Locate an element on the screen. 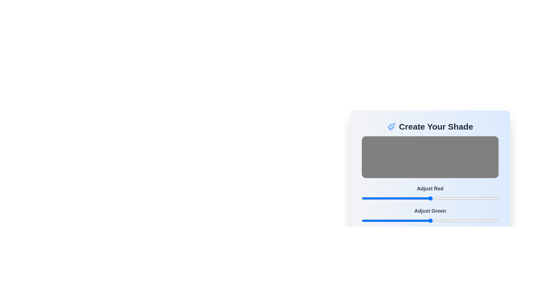 Image resolution: width=536 pixels, height=301 pixels. the red color slider to 68 is located at coordinates (398, 198).